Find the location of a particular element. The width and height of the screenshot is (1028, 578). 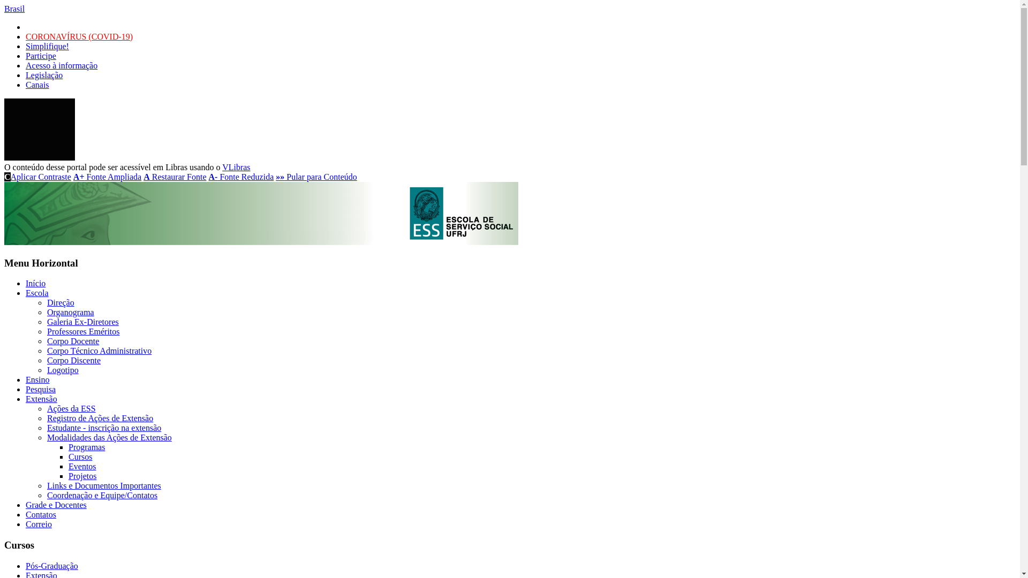

'Brasil' is located at coordinates (14, 9).